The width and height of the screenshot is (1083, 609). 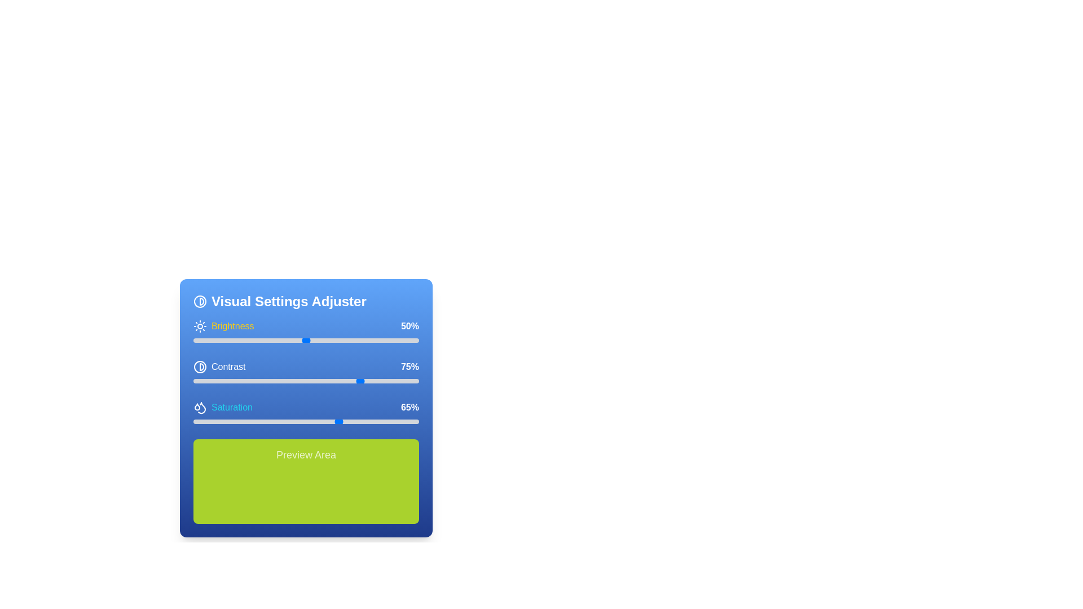 What do you see at coordinates (396, 381) in the screenshot?
I see `contrast` at bounding box center [396, 381].